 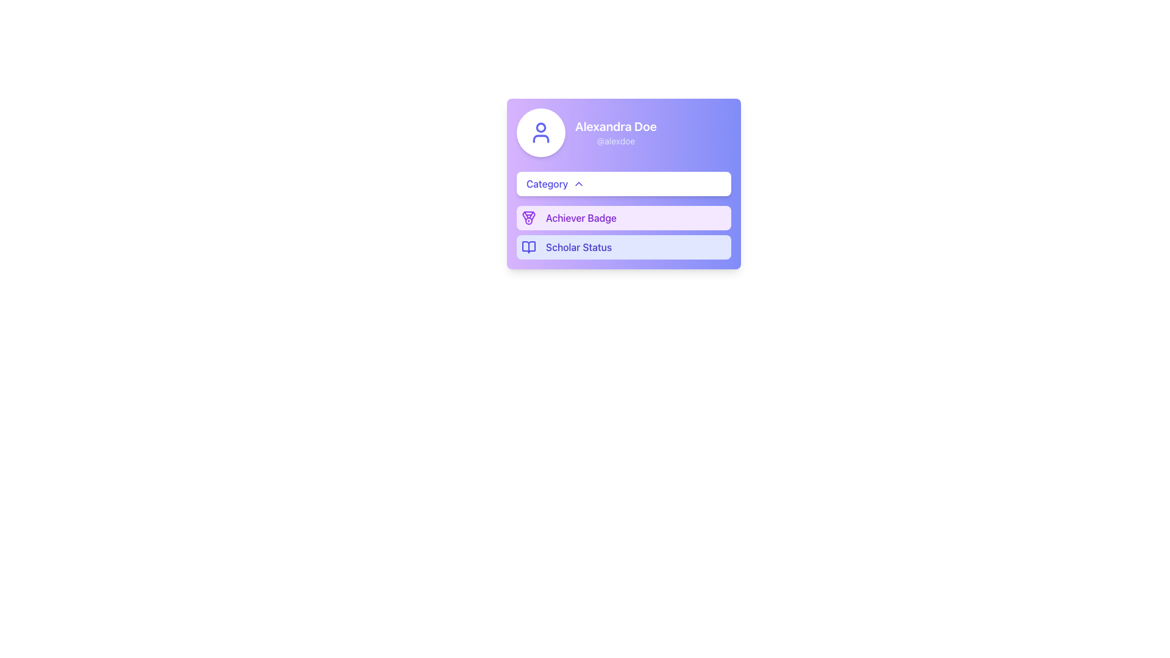 I want to click on the purple medal icon with intricate details, which is located to the left of the 'Achiever Badge' label in the second item of the vertically stacked list, so click(x=529, y=215).